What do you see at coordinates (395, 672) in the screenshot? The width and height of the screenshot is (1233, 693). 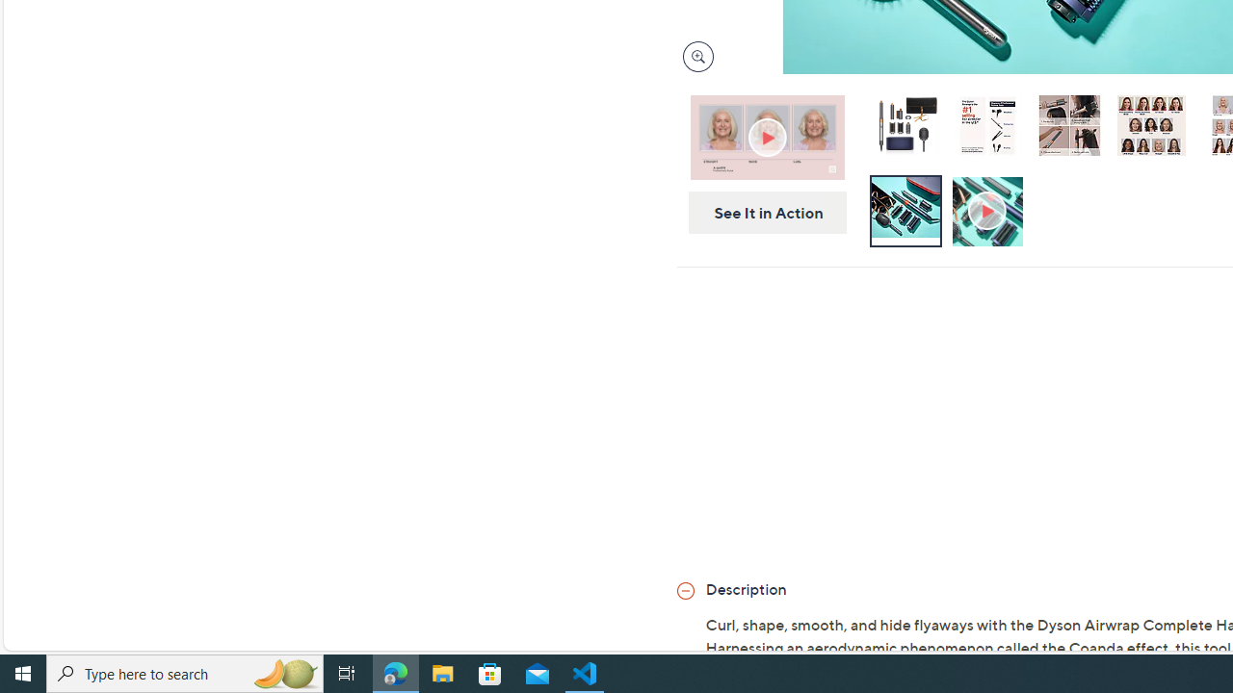 I see `'Microsoft Edge - 1 running window'` at bounding box center [395, 672].